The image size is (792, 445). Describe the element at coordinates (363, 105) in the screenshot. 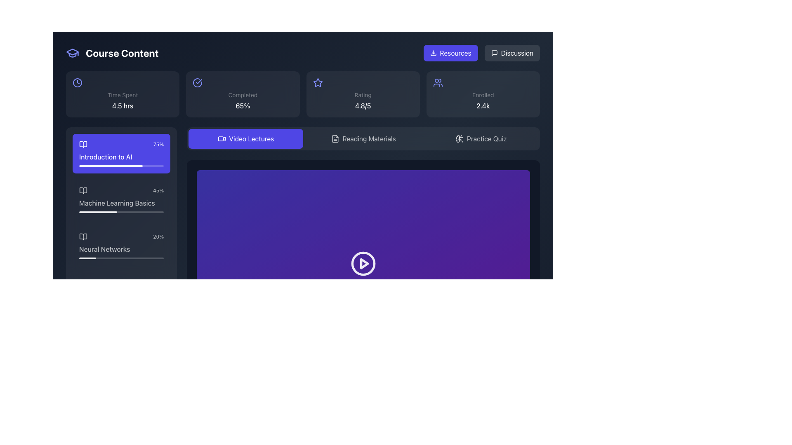

I see `the static text label displaying '4.8/5', which is positioned below the 'Rating' label inside a semi-transparent box` at that location.